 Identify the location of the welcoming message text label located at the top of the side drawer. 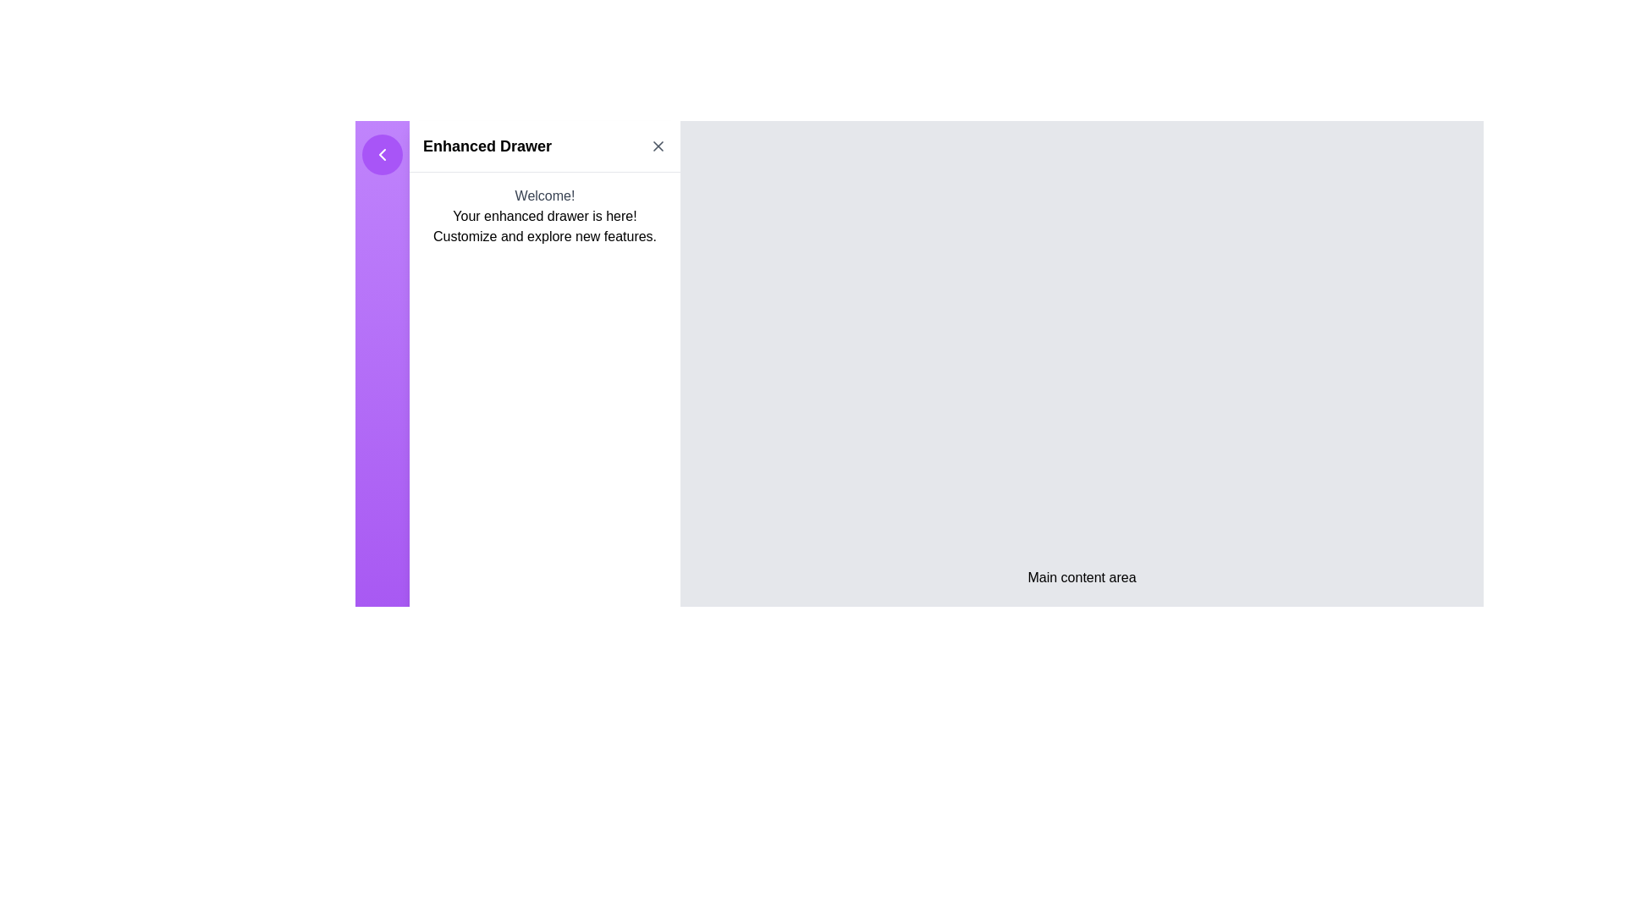
(544, 195).